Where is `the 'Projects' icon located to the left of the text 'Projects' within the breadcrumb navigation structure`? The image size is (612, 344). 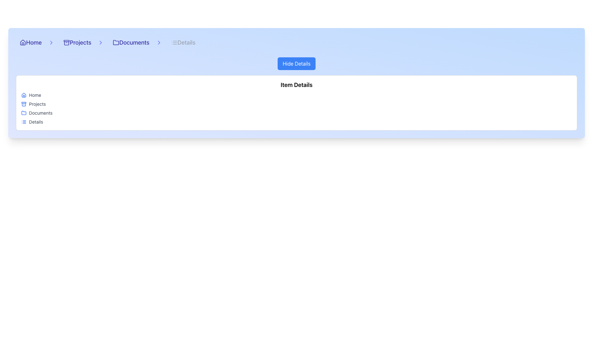
the 'Projects' icon located to the left of the text 'Projects' within the breadcrumb navigation structure is located at coordinates (24, 104).